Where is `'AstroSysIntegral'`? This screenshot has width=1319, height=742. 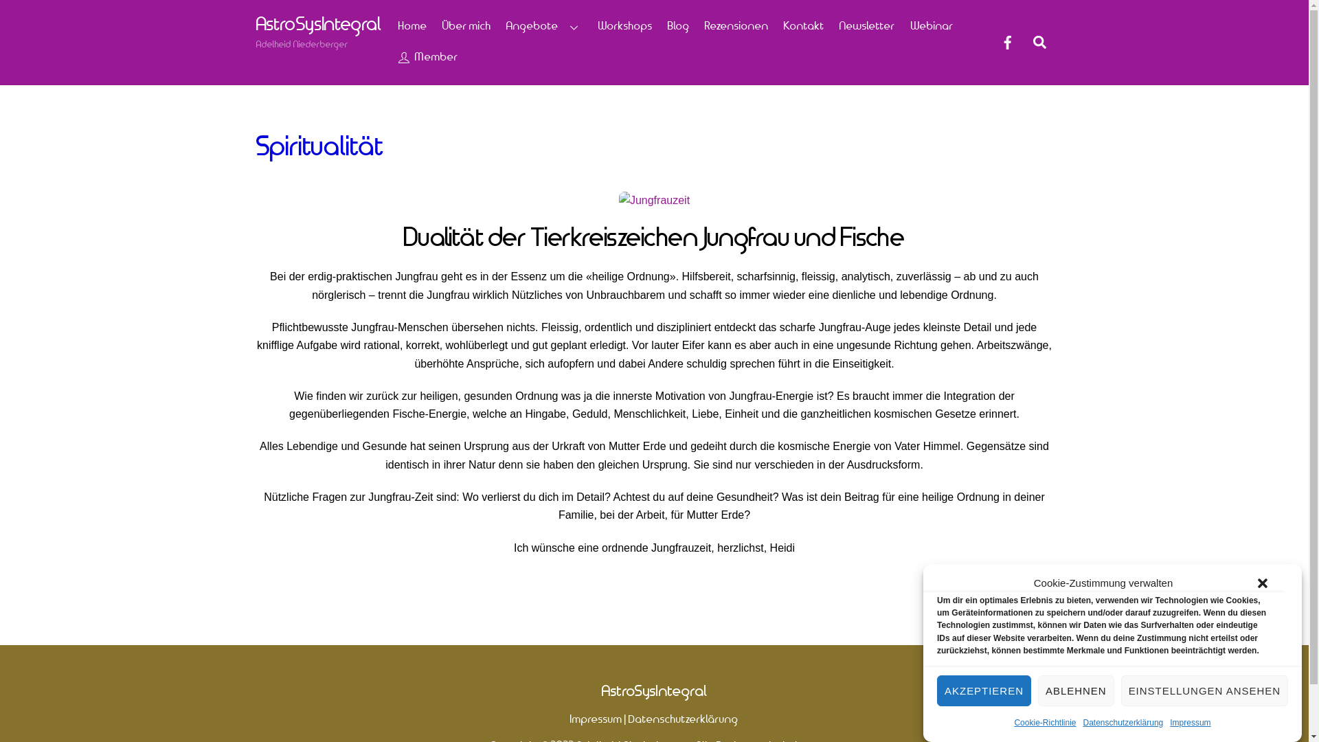
'AstroSysIntegral' is located at coordinates (601, 691).